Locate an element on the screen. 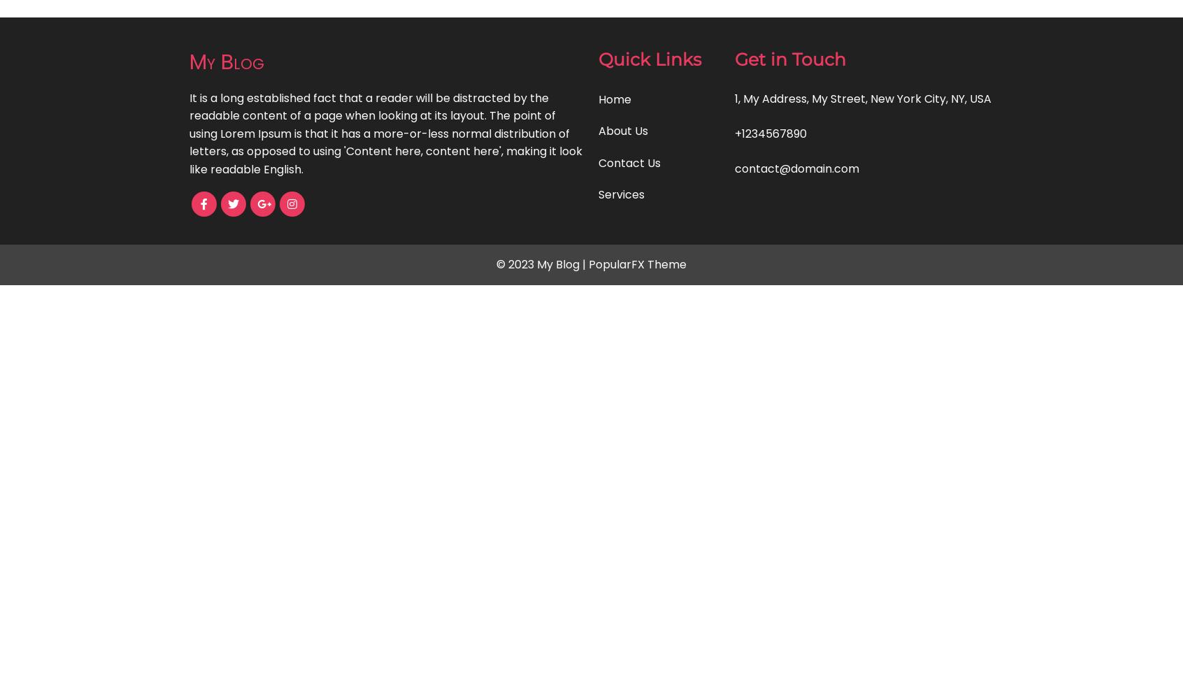  '+1234567890' is located at coordinates (734, 132).